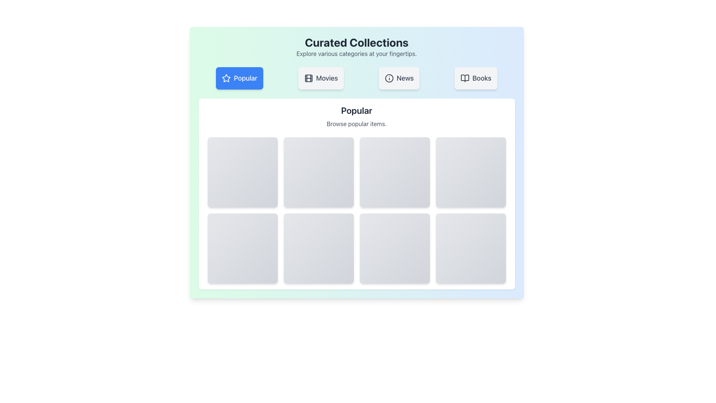  What do you see at coordinates (356, 53) in the screenshot?
I see `text label that says 'Explore various categories at your fingertips.' positioned below the title 'Curated Collections.'` at bounding box center [356, 53].